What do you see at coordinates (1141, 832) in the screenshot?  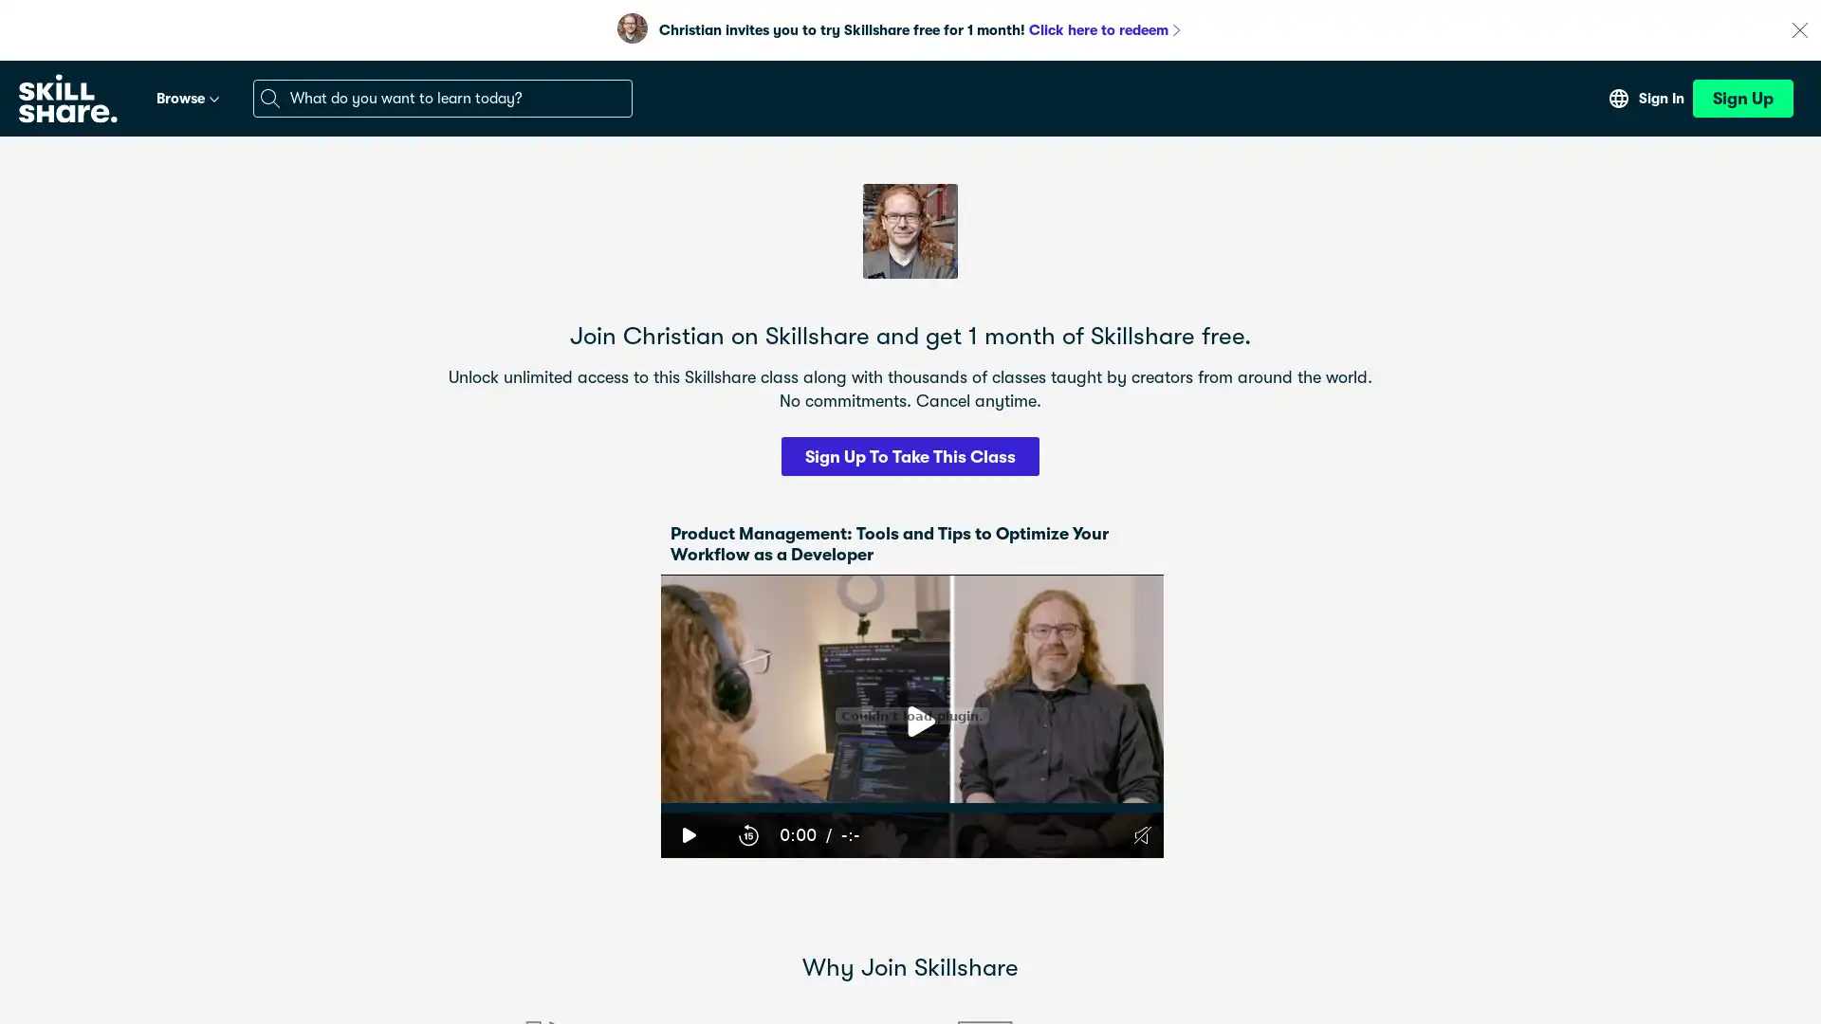 I see `Unmute` at bounding box center [1141, 832].